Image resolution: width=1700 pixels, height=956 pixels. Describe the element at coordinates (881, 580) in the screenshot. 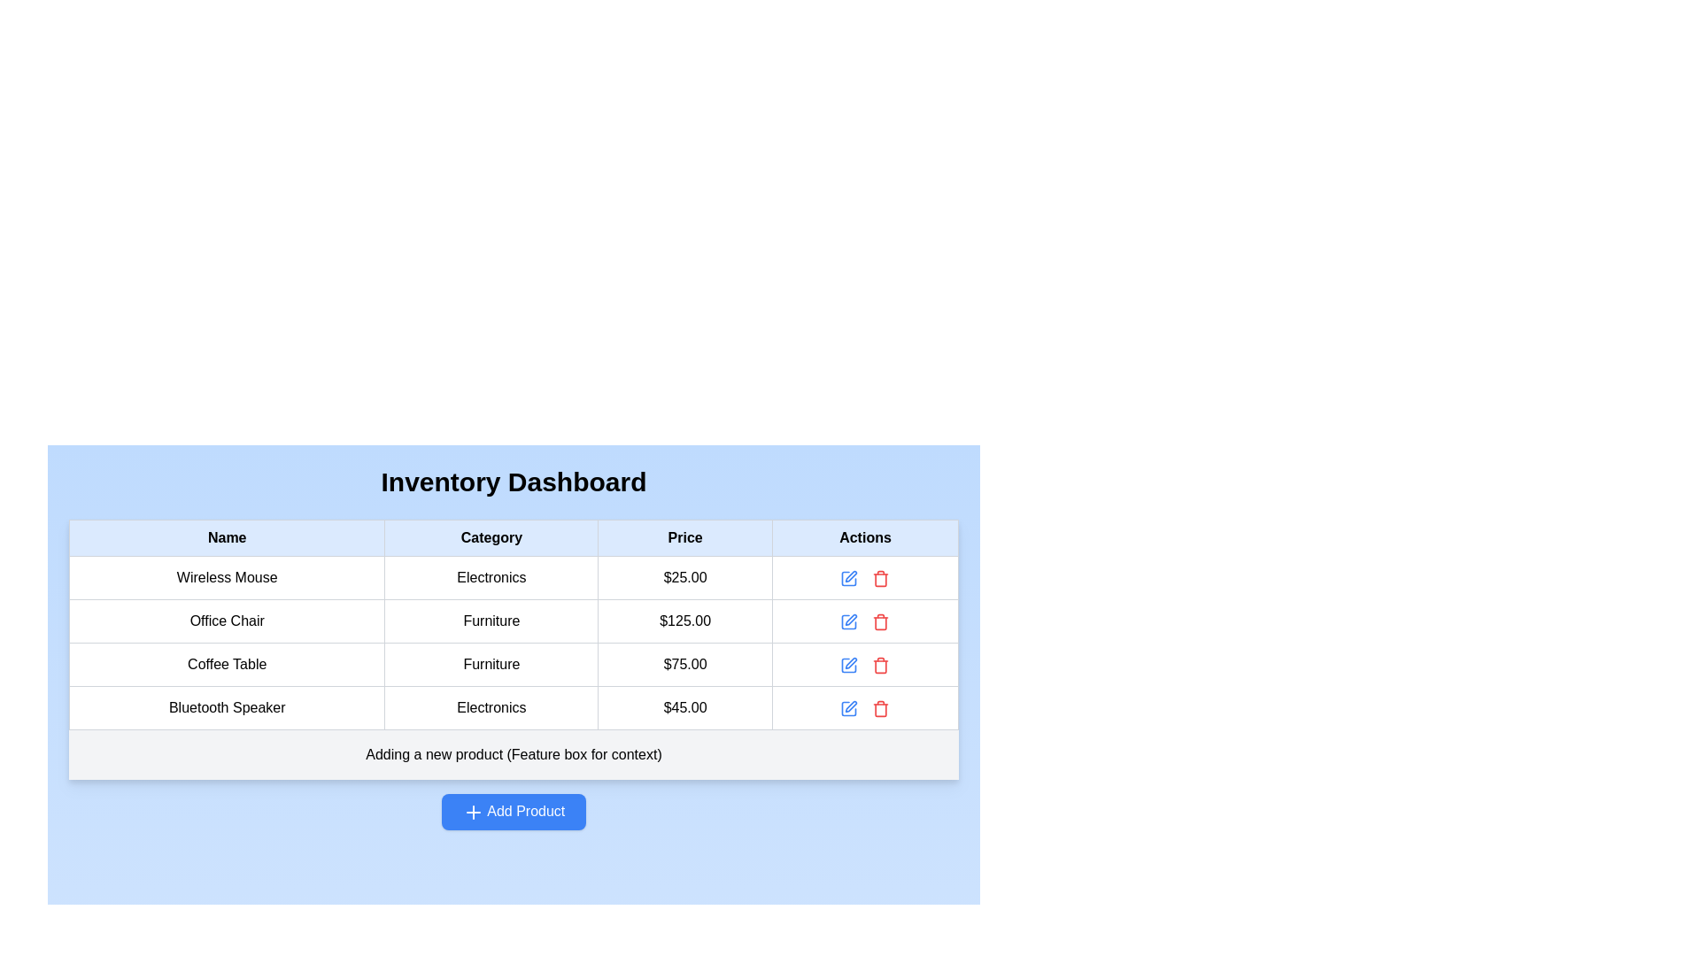

I see `the trash icon component in the 'Actions' column of the fourth row of the table` at that location.